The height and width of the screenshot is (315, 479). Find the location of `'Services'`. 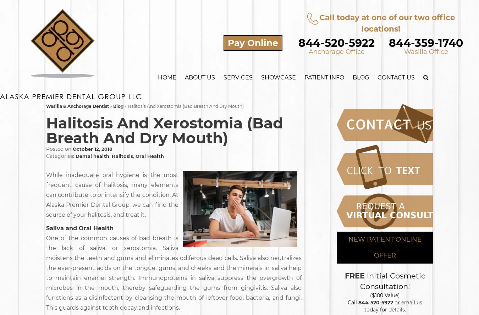

'Services' is located at coordinates (238, 77).